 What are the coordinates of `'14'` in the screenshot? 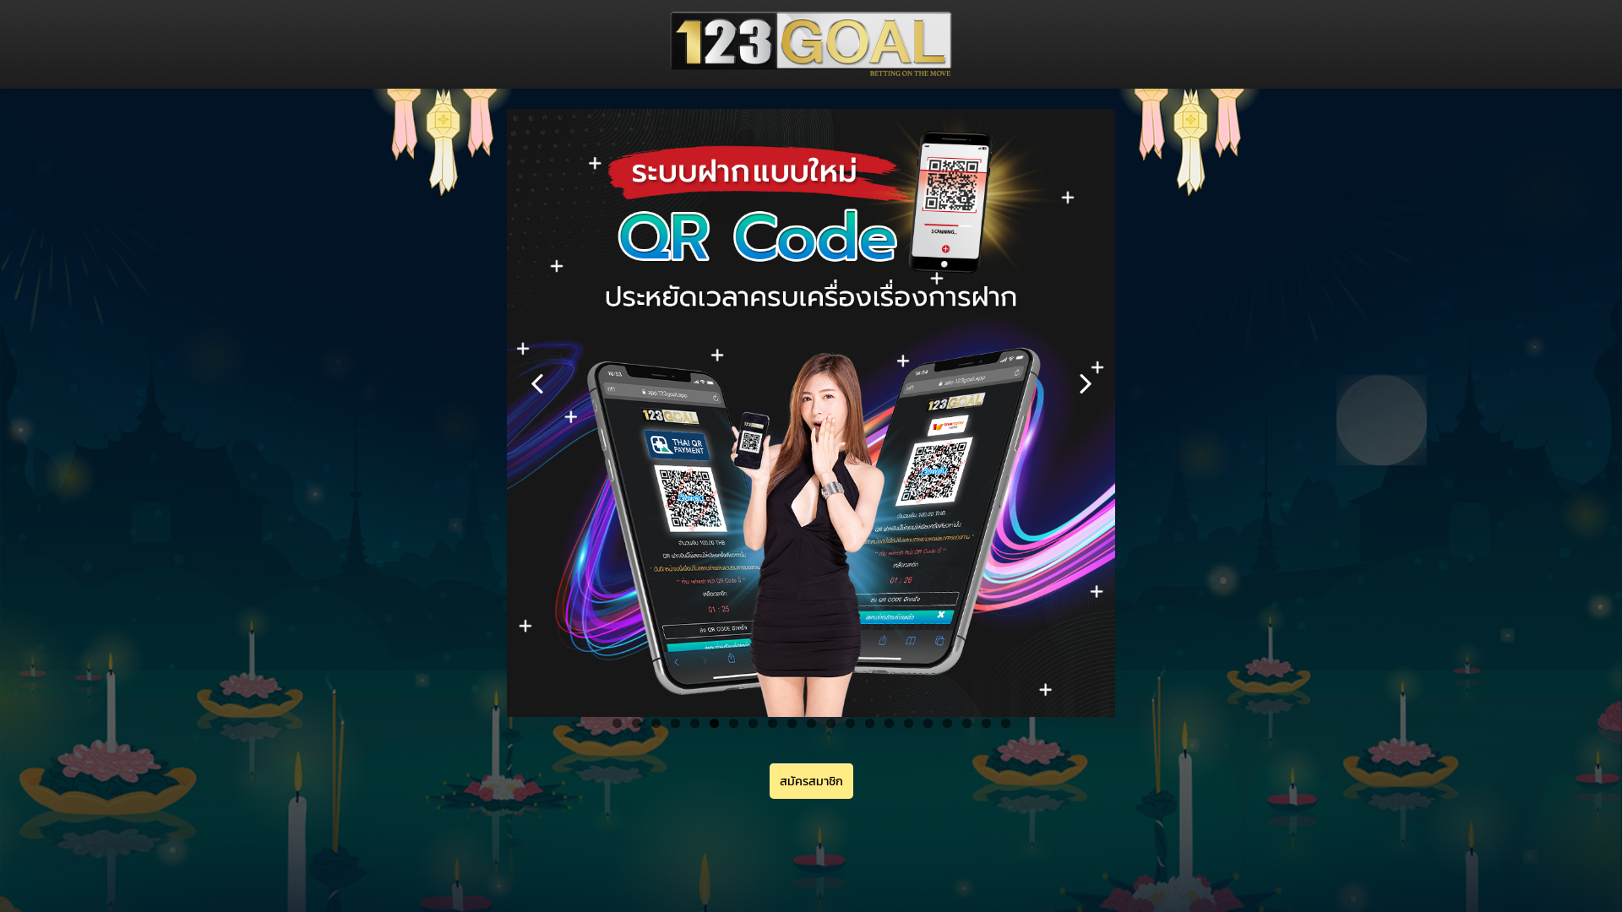 It's located at (869, 722).